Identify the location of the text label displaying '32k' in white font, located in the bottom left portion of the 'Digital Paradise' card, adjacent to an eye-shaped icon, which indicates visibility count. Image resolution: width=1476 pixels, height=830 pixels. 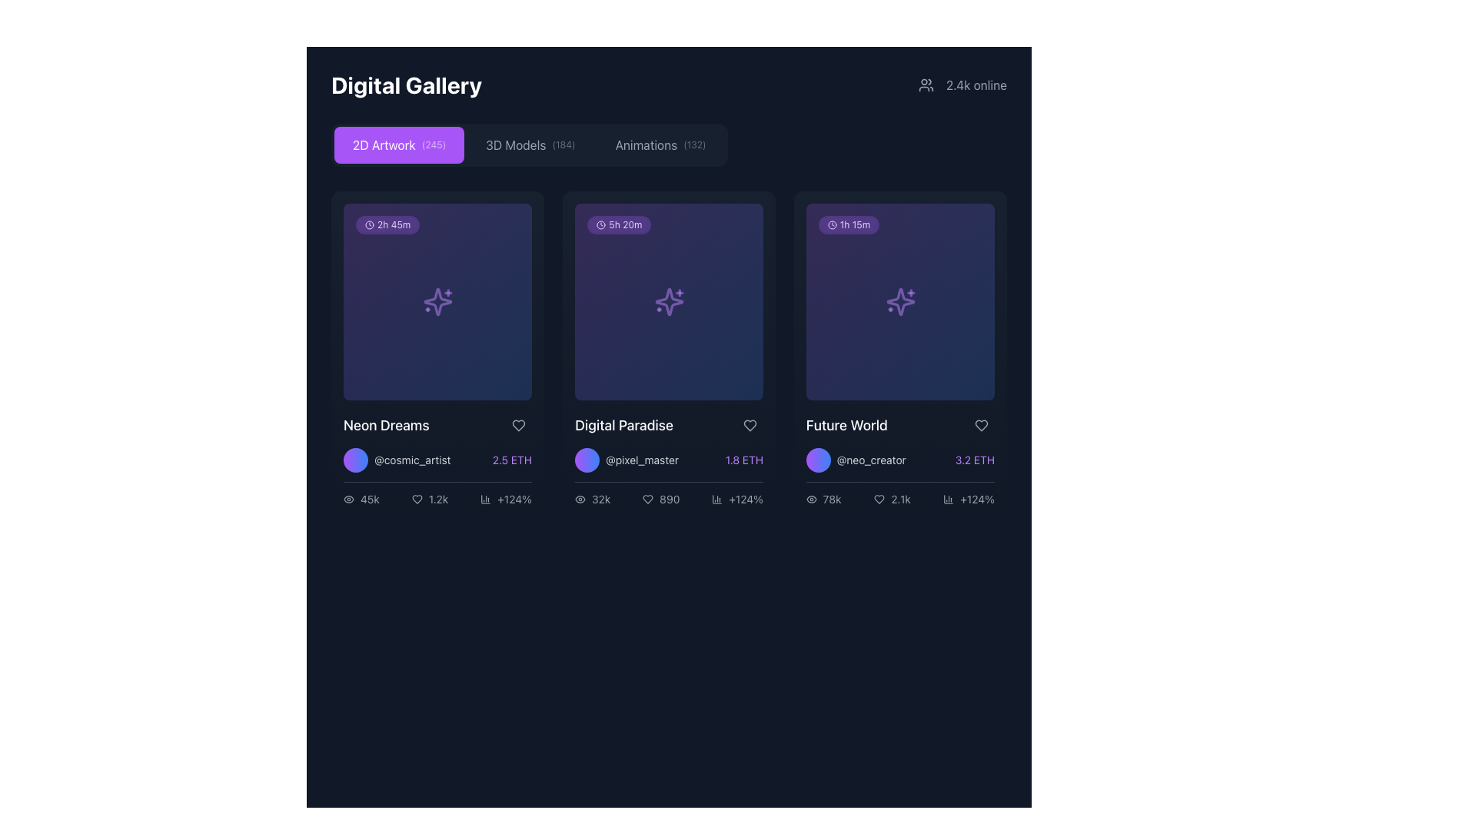
(592, 500).